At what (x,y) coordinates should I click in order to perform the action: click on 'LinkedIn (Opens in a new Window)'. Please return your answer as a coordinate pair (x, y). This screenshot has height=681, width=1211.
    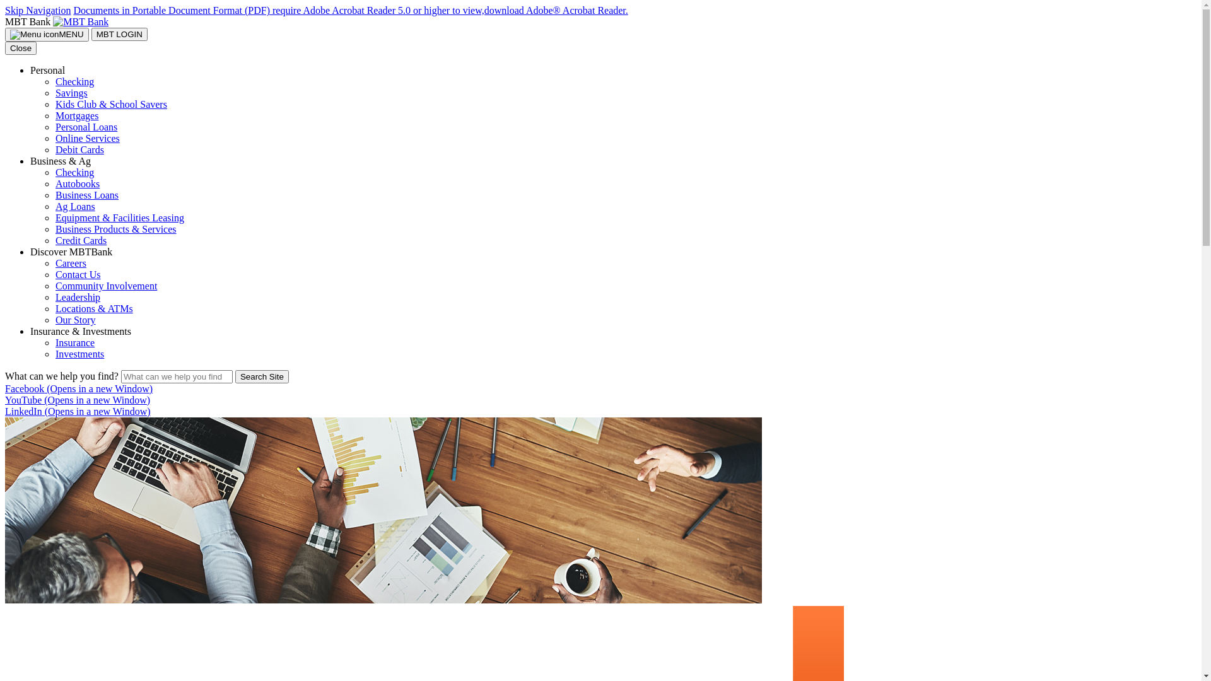
    Looking at the image, I should click on (77, 411).